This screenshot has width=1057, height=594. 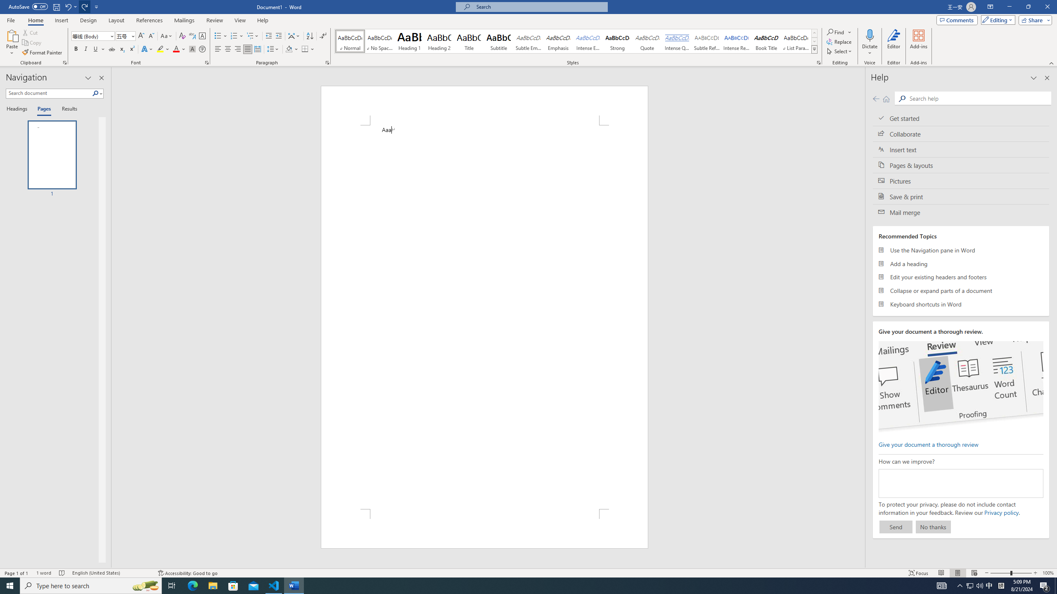 I want to click on 'Send', so click(x=895, y=526).